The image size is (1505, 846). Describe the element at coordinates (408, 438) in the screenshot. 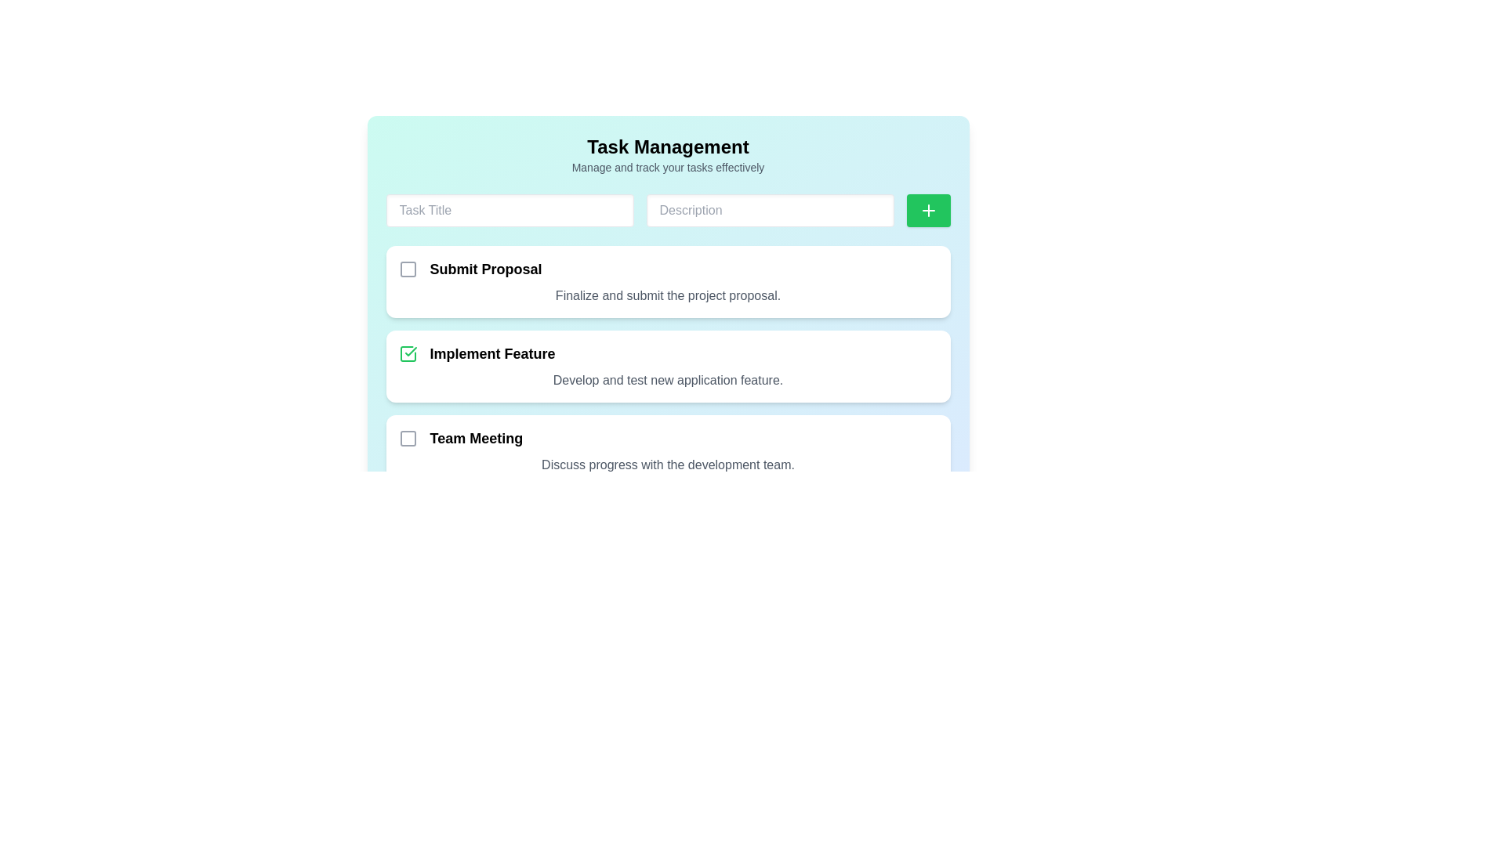

I see `the checkbox icon located to the left of the 'Team Meeting' text to check or uncheck it` at that location.